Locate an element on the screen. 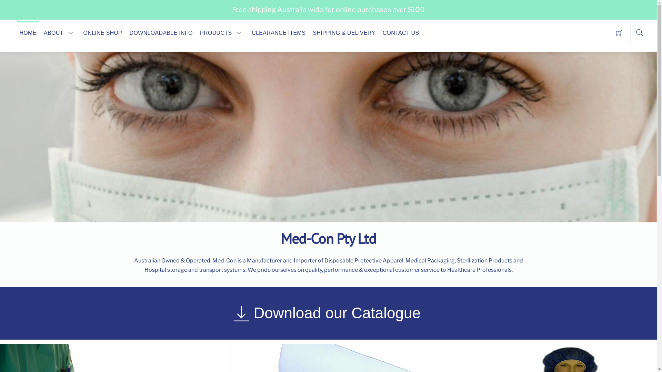 The width and height of the screenshot is (662, 372). 'PRODUCTS' is located at coordinates (222, 33).